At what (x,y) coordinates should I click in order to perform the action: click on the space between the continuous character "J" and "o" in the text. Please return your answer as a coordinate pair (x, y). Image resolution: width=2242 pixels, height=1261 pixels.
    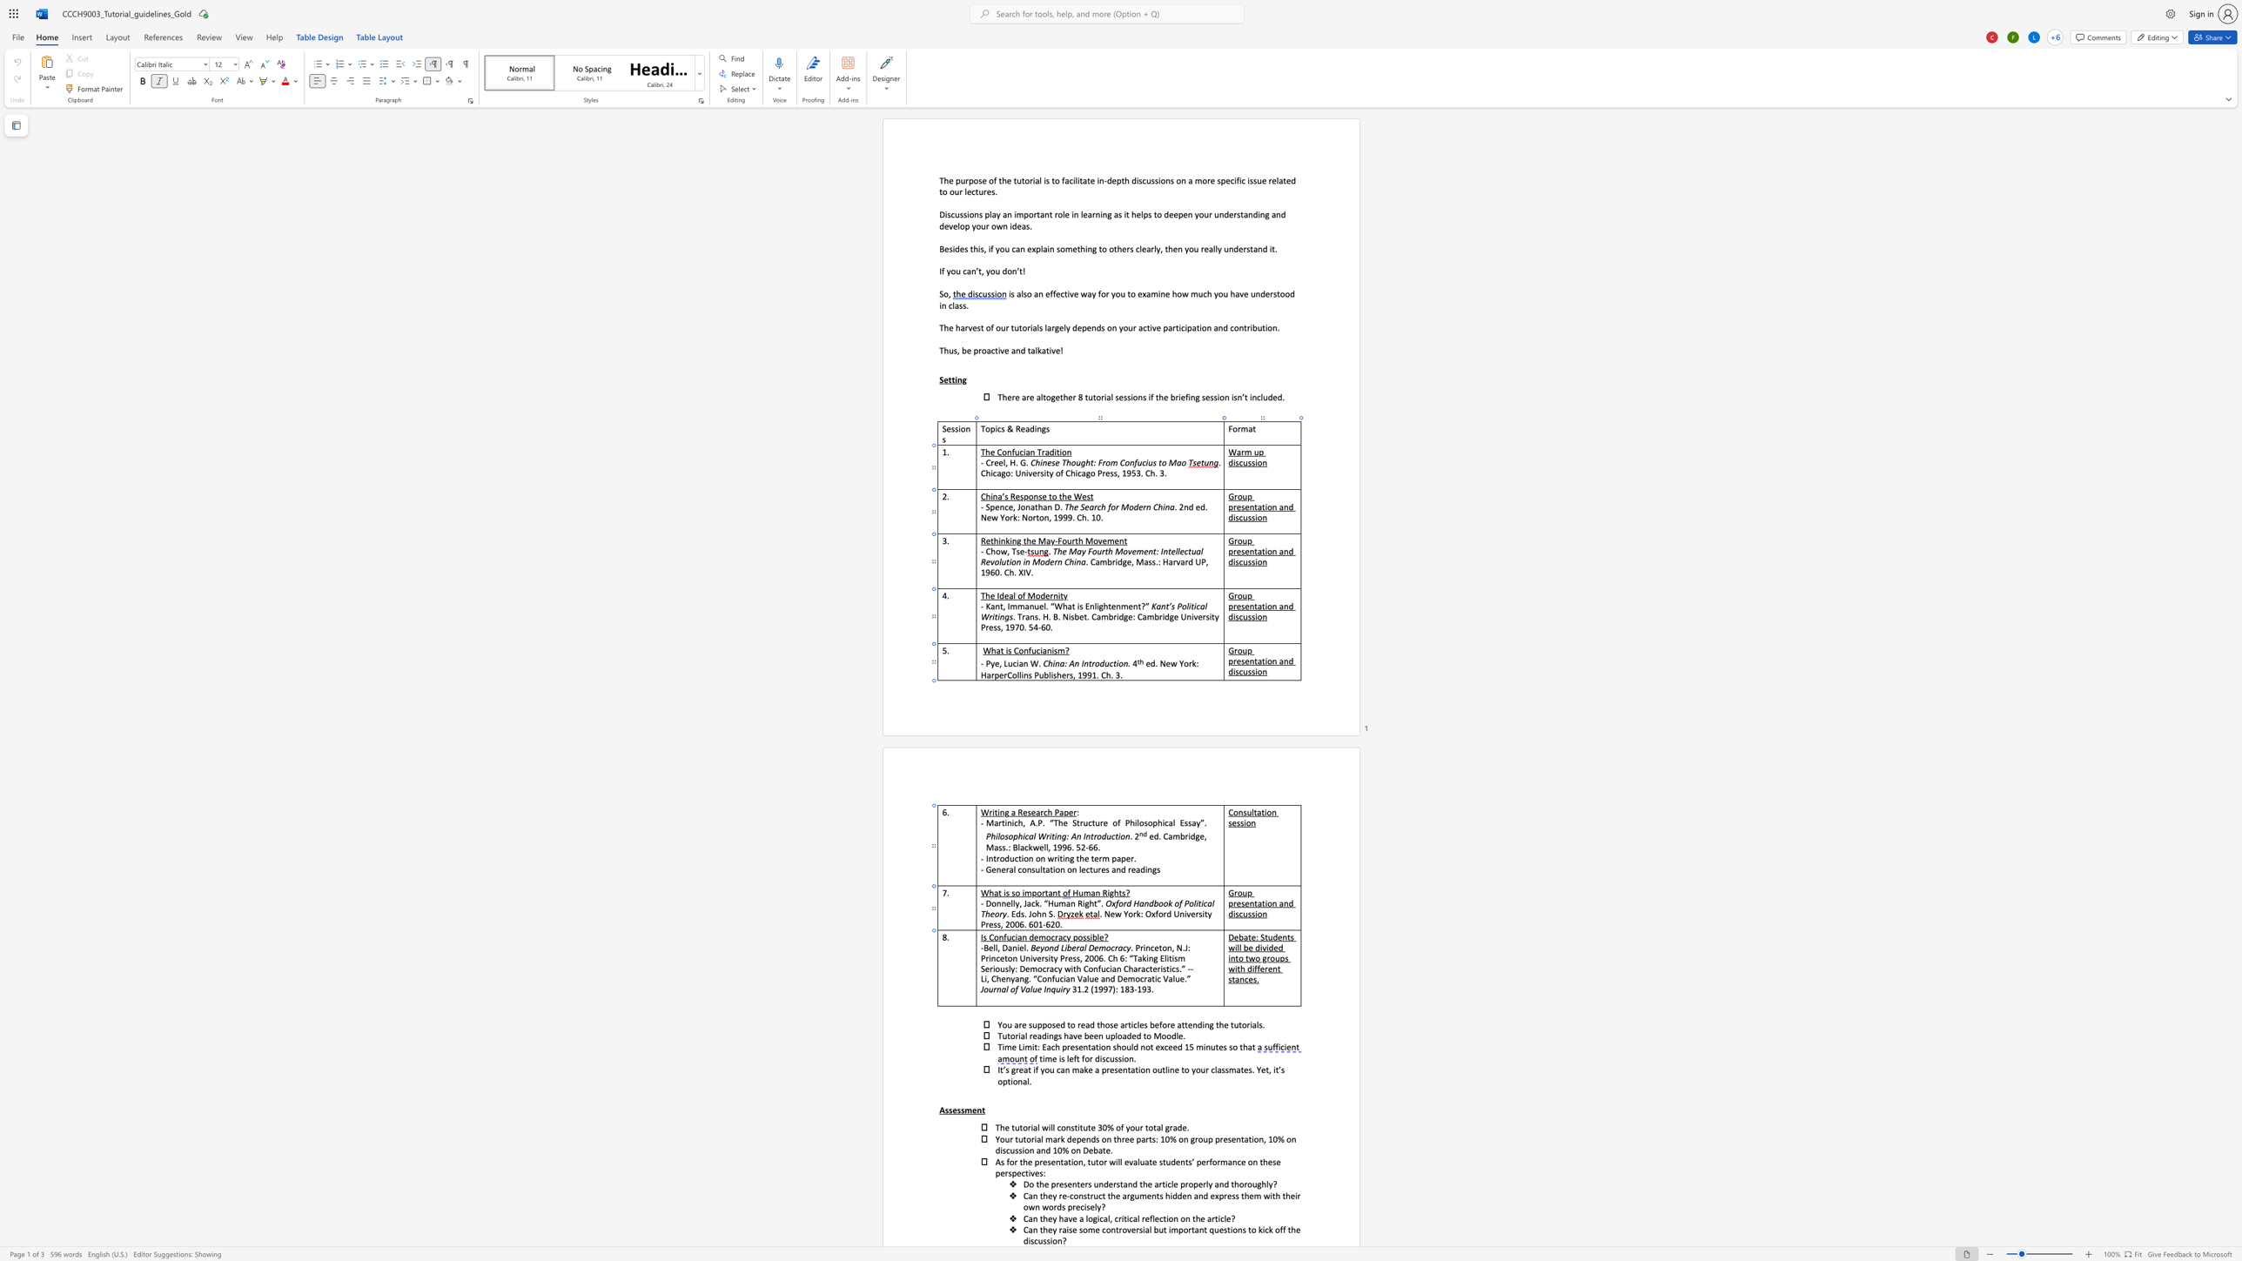
    Looking at the image, I should click on (1031, 913).